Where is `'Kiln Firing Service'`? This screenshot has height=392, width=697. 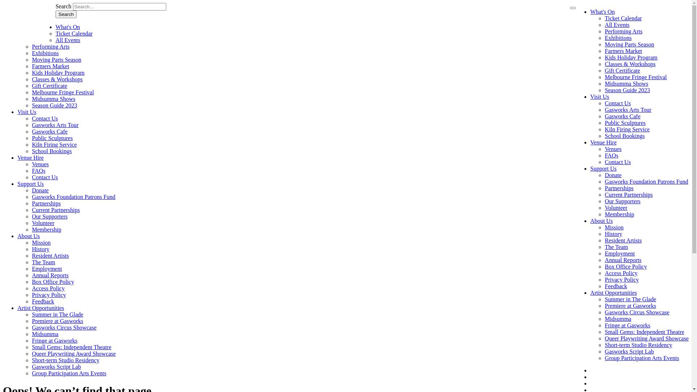
'Kiln Firing Service' is located at coordinates (54, 144).